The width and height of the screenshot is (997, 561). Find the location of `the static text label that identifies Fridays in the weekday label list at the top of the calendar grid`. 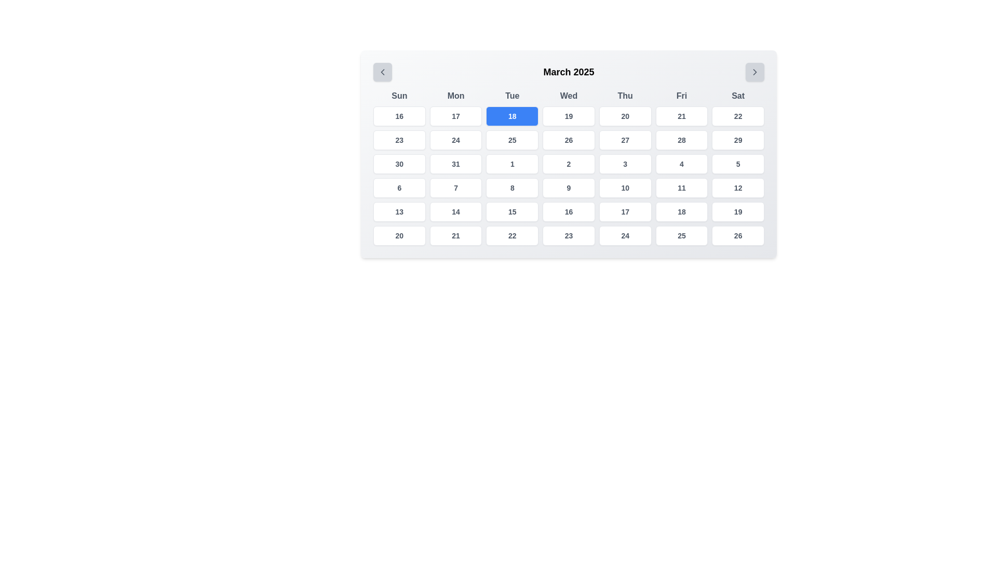

the static text label that identifies Fridays in the weekday label list at the top of the calendar grid is located at coordinates (681, 96).